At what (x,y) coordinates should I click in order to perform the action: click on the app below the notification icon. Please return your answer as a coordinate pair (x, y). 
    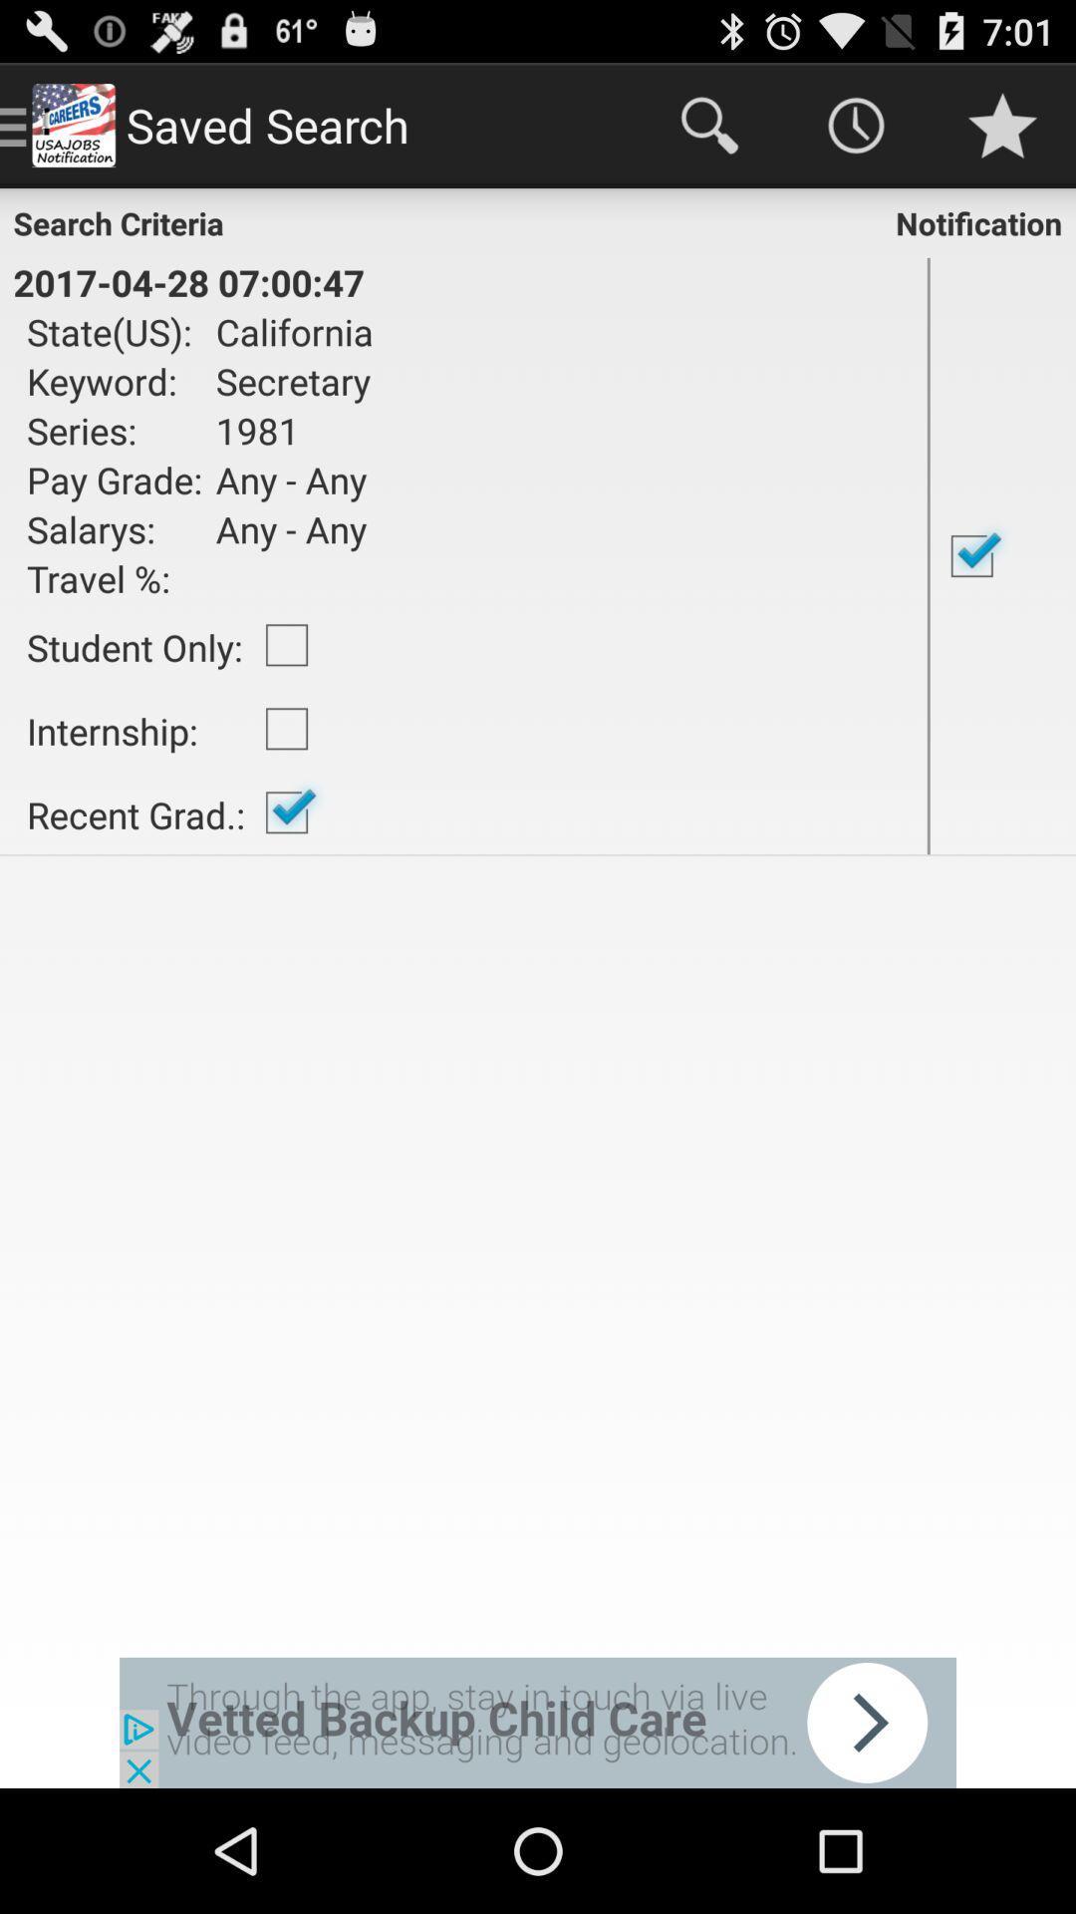
    Looking at the image, I should click on (1002, 555).